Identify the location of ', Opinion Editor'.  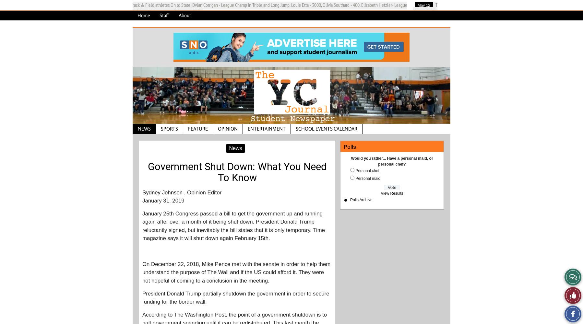
(202, 192).